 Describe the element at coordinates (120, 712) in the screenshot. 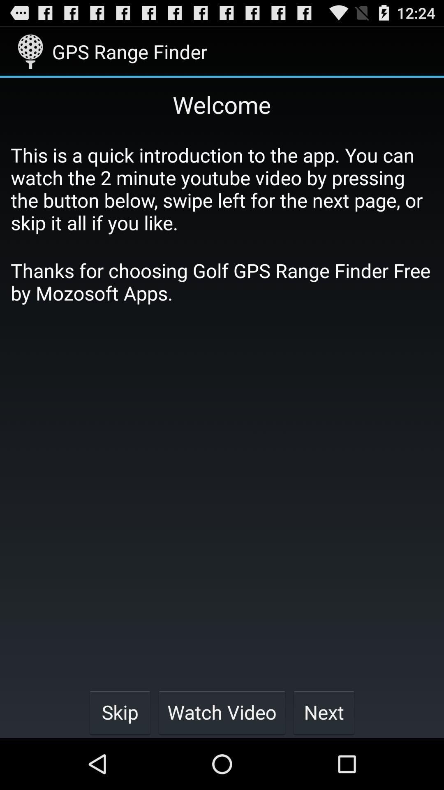

I see `the skip at the bottom left corner` at that location.